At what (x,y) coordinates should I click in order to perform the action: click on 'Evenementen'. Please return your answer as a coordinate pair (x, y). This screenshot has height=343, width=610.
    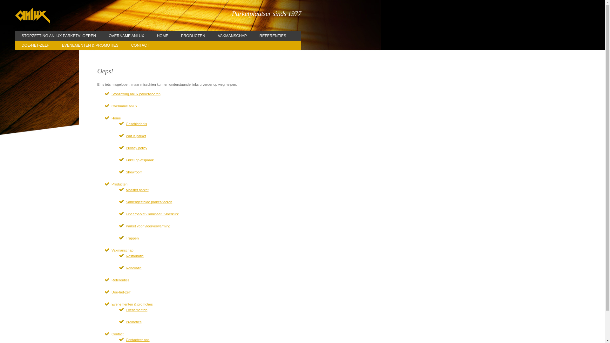
    Looking at the image, I should click on (136, 309).